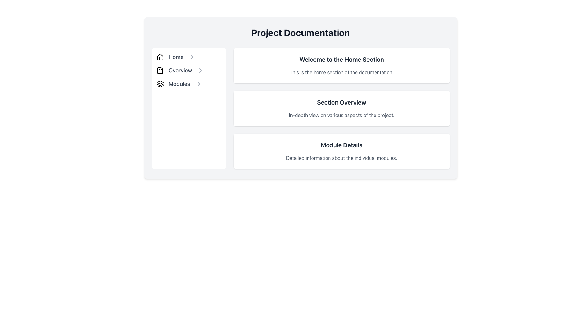 This screenshot has width=587, height=330. What do you see at coordinates (201, 70) in the screenshot?
I see `the right-pointing chevron icon styled in gray, located to the right of the 'Overview' text in the vertically-stacked navigation menu` at bounding box center [201, 70].